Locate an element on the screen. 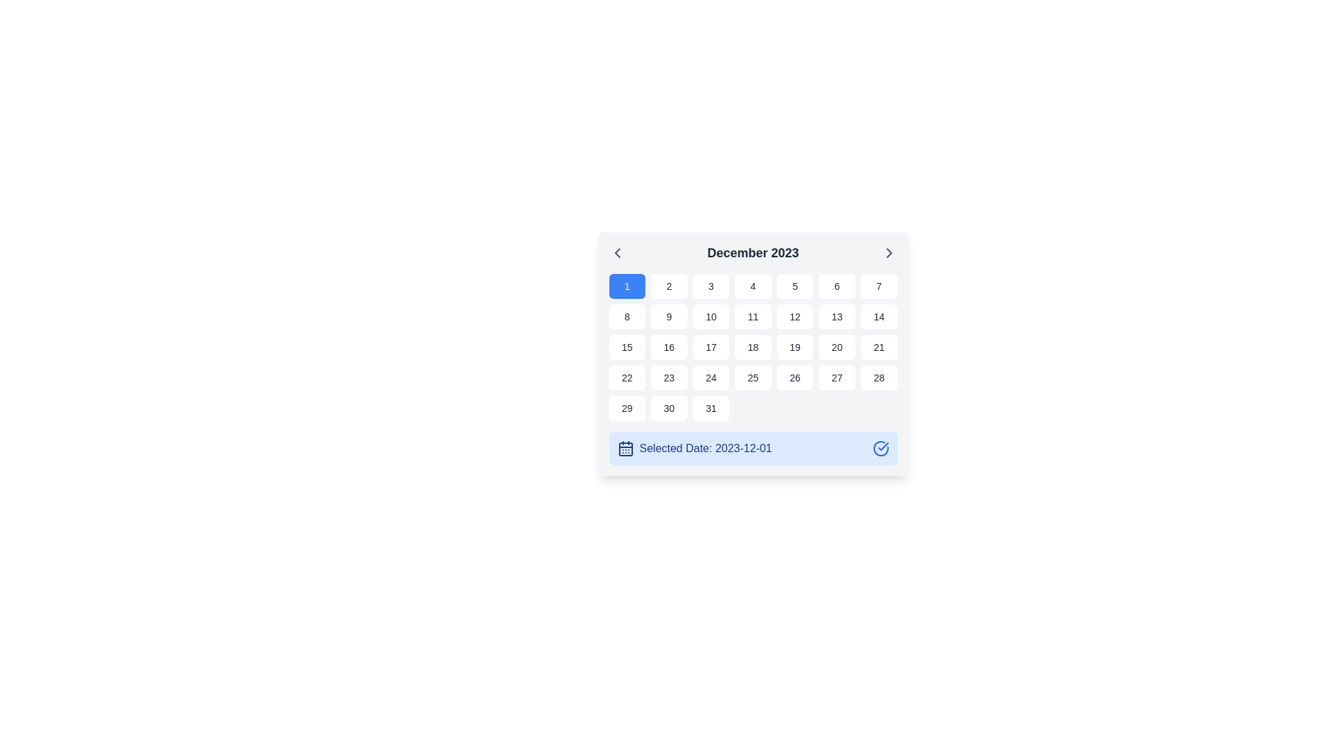 This screenshot has width=1331, height=749. the interactive day selector button located in the third row and third column of the calendar grid is located at coordinates (711, 347).